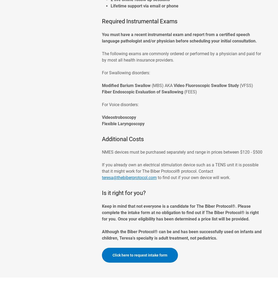 Image resolution: width=278 pixels, height=282 pixels. Describe the element at coordinates (182, 152) in the screenshot. I see `'NMES devices must be purchased separately and range in prices between $120 - $500'` at that location.